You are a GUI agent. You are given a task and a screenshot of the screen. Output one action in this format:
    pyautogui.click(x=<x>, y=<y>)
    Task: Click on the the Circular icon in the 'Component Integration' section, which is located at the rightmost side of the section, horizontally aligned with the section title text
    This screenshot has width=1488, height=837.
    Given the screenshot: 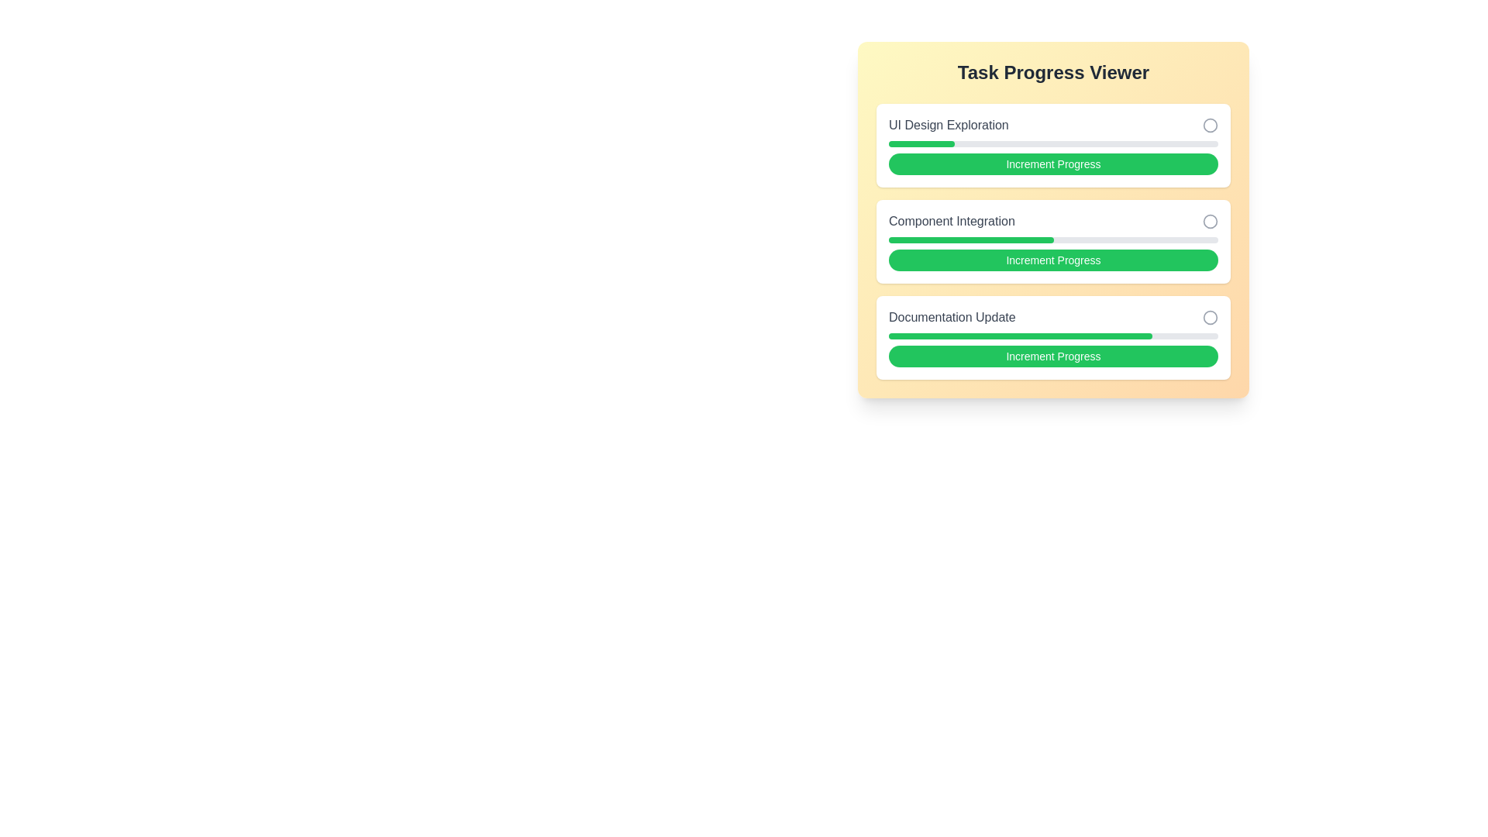 What is the action you would take?
    pyautogui.click(x=1209, y=221)
    